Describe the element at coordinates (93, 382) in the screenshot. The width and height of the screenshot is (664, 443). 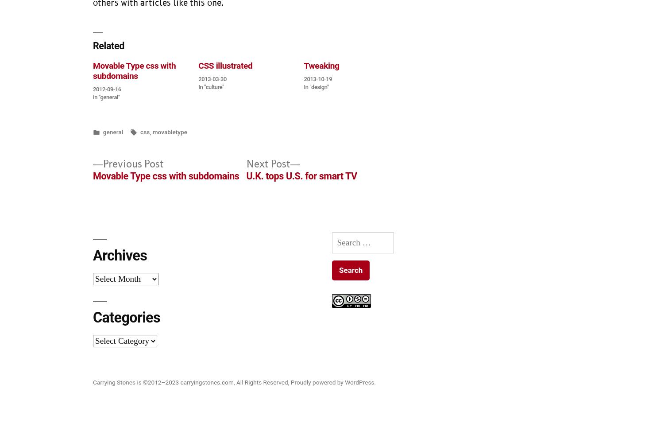
I see `'Carrying Stones is ©2012–2023 carryingstones.com, All Rights Reserved'` at that location.